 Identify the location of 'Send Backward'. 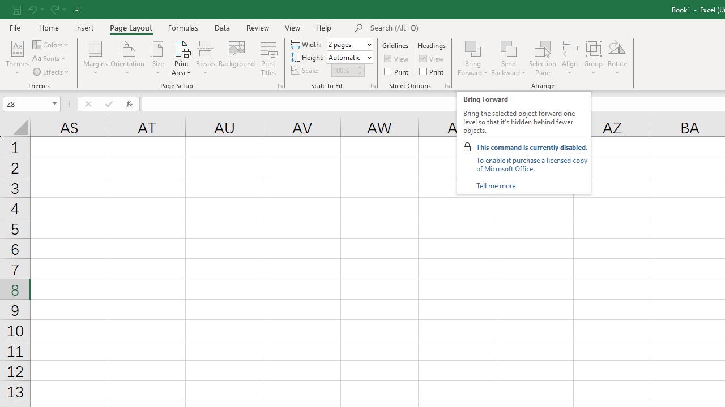
(508, 58).